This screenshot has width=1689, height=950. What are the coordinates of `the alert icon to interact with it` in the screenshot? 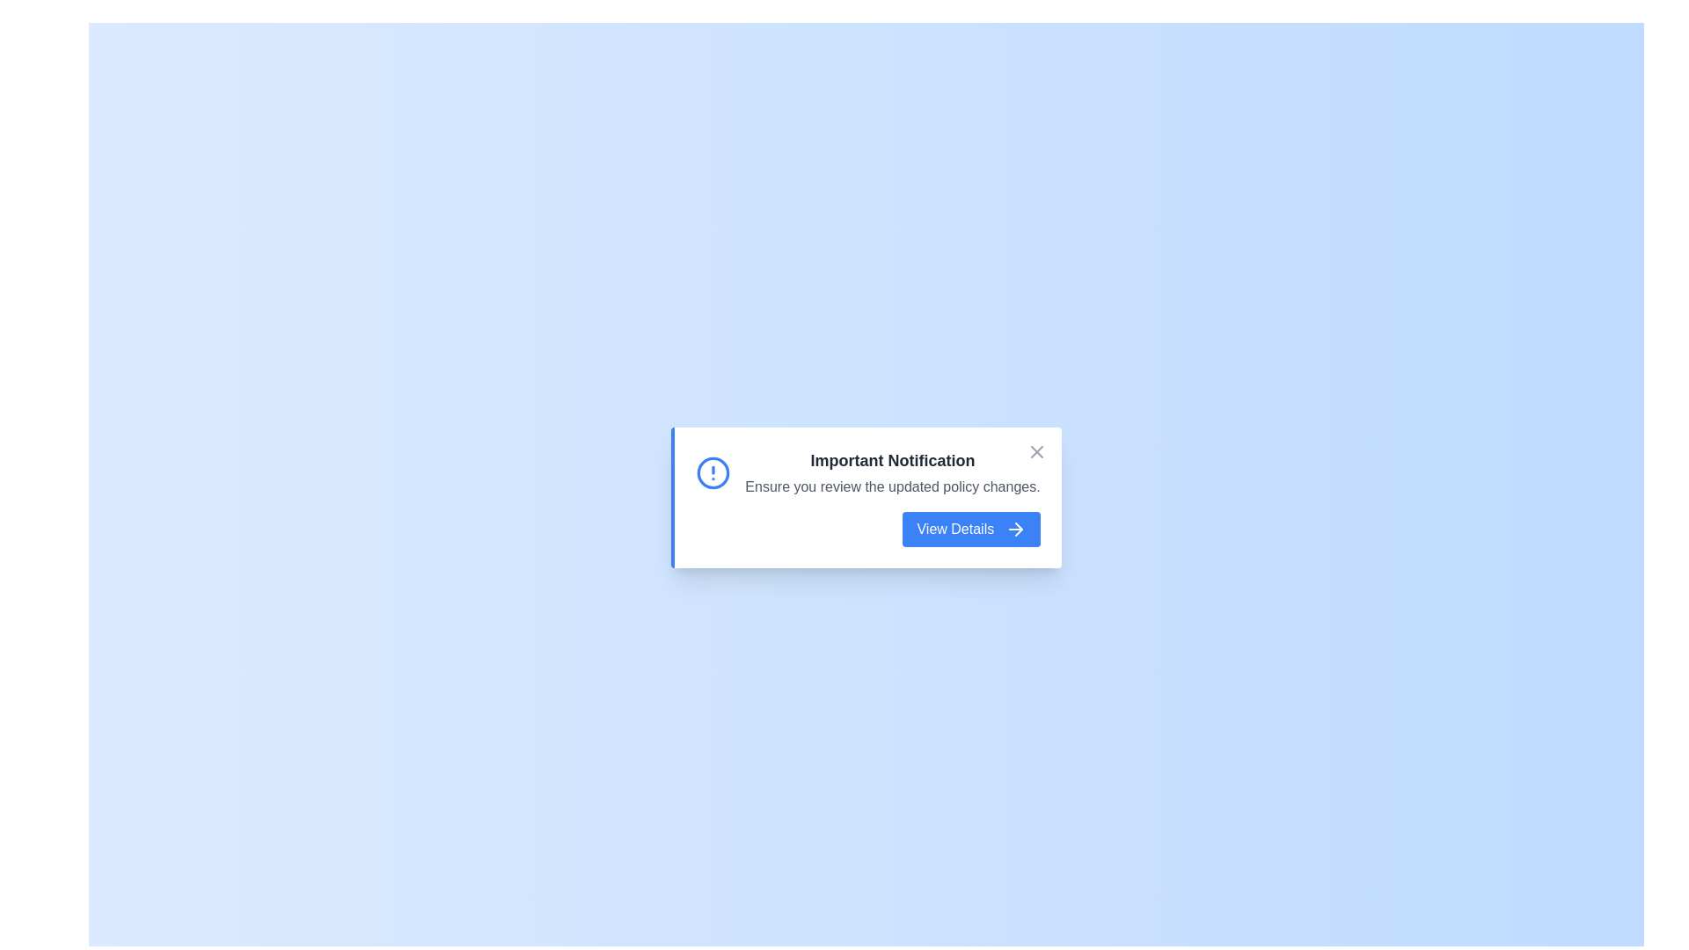 It's located at (713, 471).